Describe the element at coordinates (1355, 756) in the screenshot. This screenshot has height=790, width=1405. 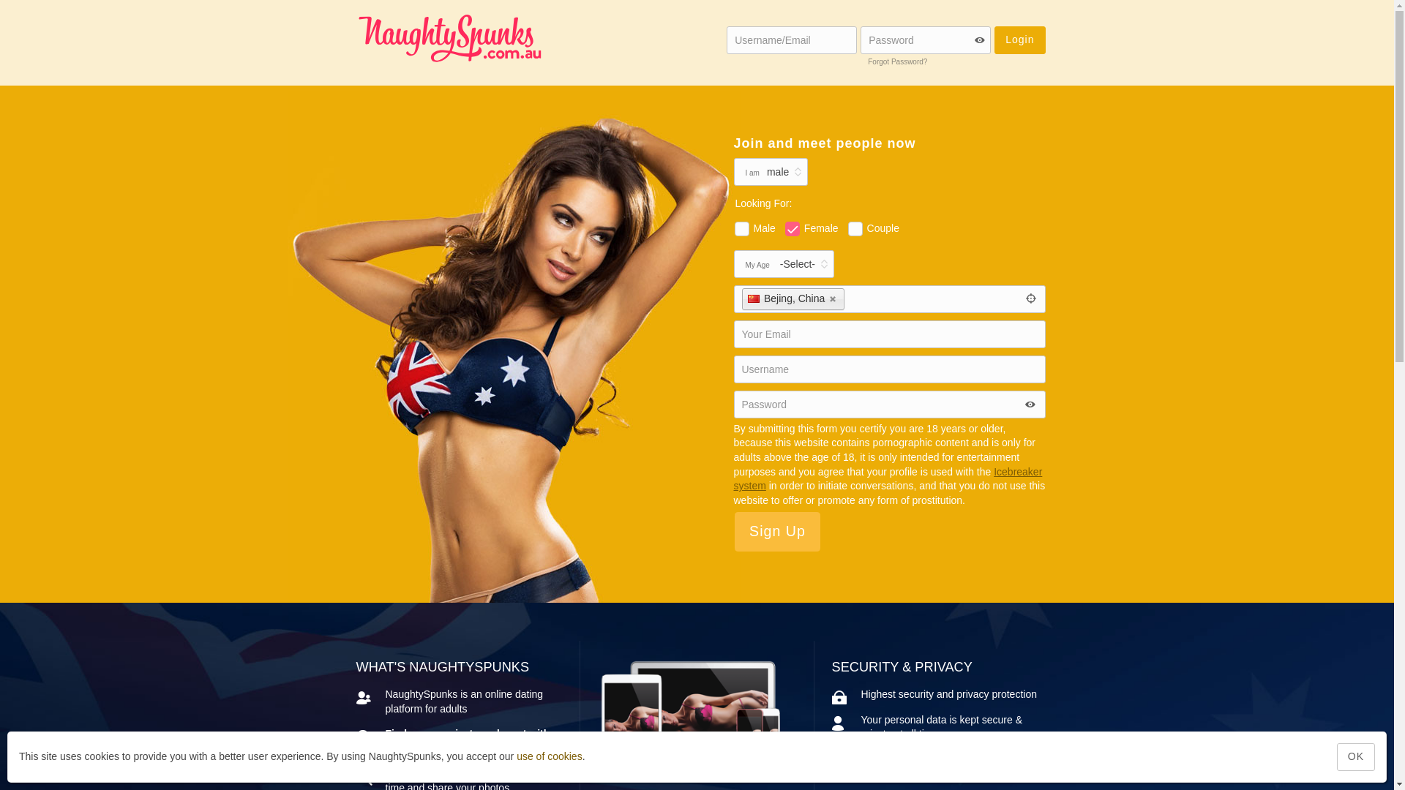
I see `'OK'` at that location.